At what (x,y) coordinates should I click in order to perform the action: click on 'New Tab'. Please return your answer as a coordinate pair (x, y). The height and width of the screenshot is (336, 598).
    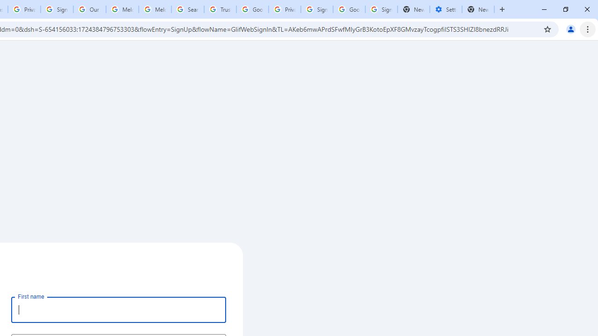
    Looking at the image, I should click on (478, 9).